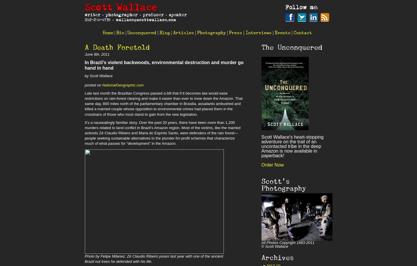  What do you see at coordinates (292, 146) in the screenshot?
I see `'Scott Wallace's heart-stopping adventure on the trail of an uncontacted tribe in the deep Amazon is now available in paperback!'` at bounding box center [292, 146].